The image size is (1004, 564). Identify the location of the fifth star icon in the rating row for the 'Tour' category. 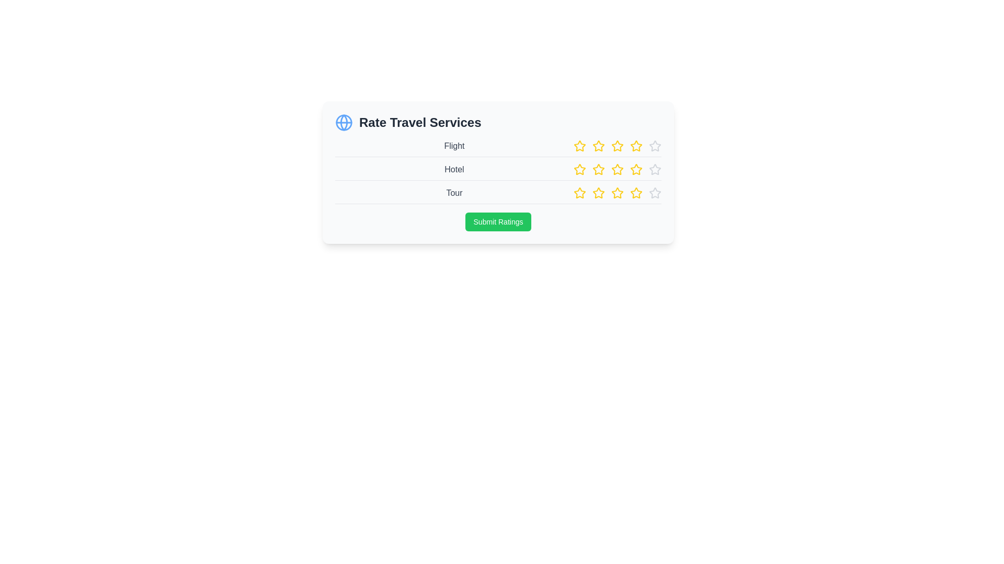
(599, 193).